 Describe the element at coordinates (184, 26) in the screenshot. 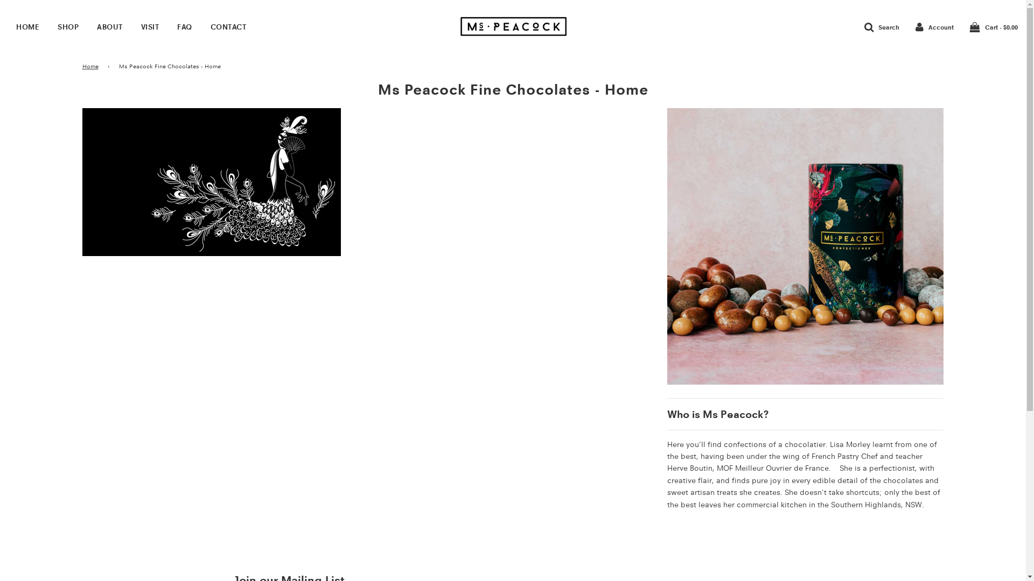

I see `'FAQ'` at that location.